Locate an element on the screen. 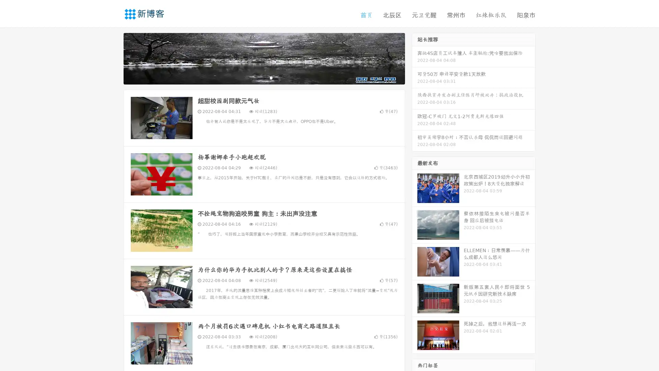  Go to slide 3 is located at coordinates (271, 77).